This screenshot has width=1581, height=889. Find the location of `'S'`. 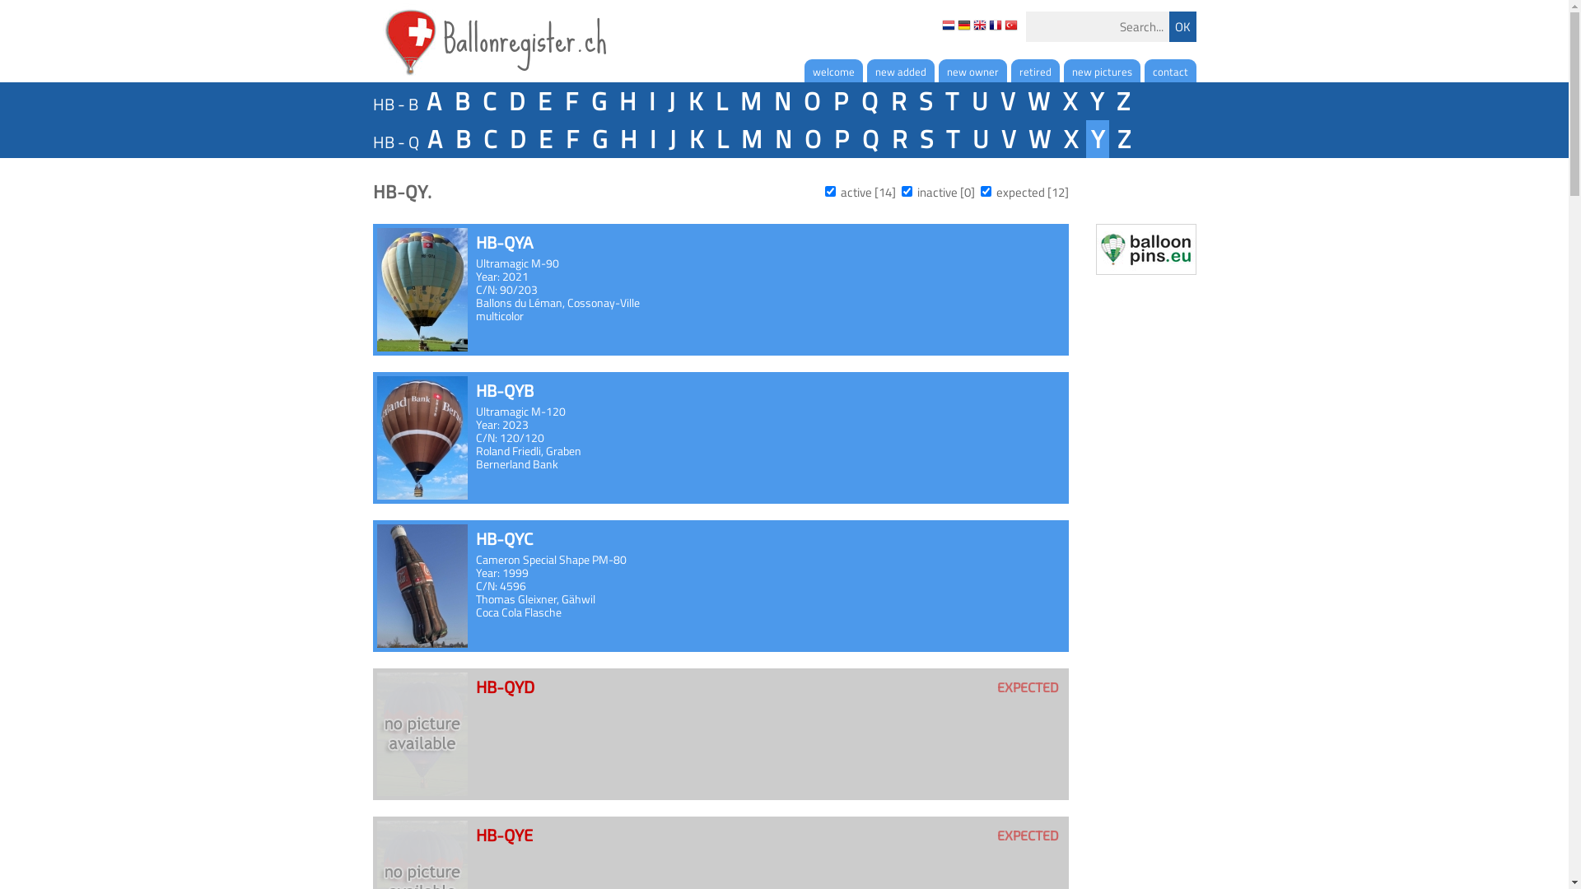

'S' is located at coordinates (925, 138).